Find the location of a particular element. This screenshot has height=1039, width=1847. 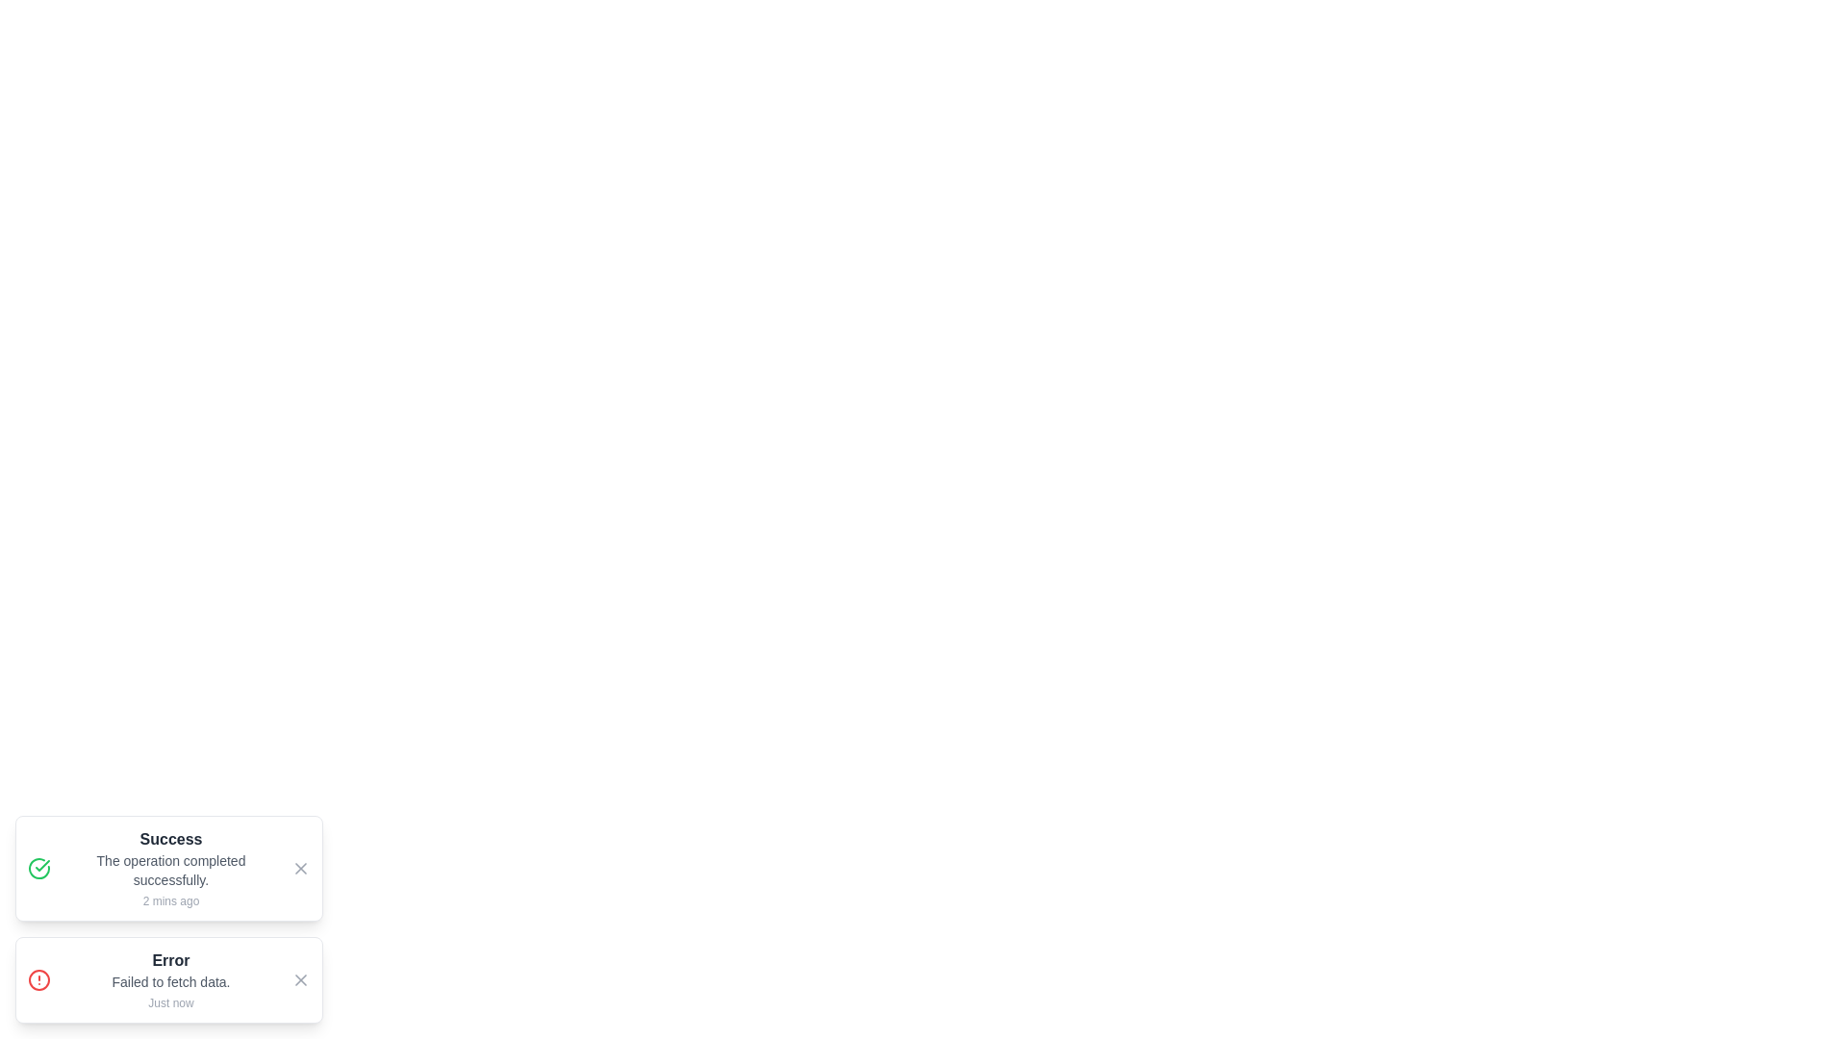

the small gray 'X' icon button located at the top-right corner of the notification card is located at coordinates (299, 979).